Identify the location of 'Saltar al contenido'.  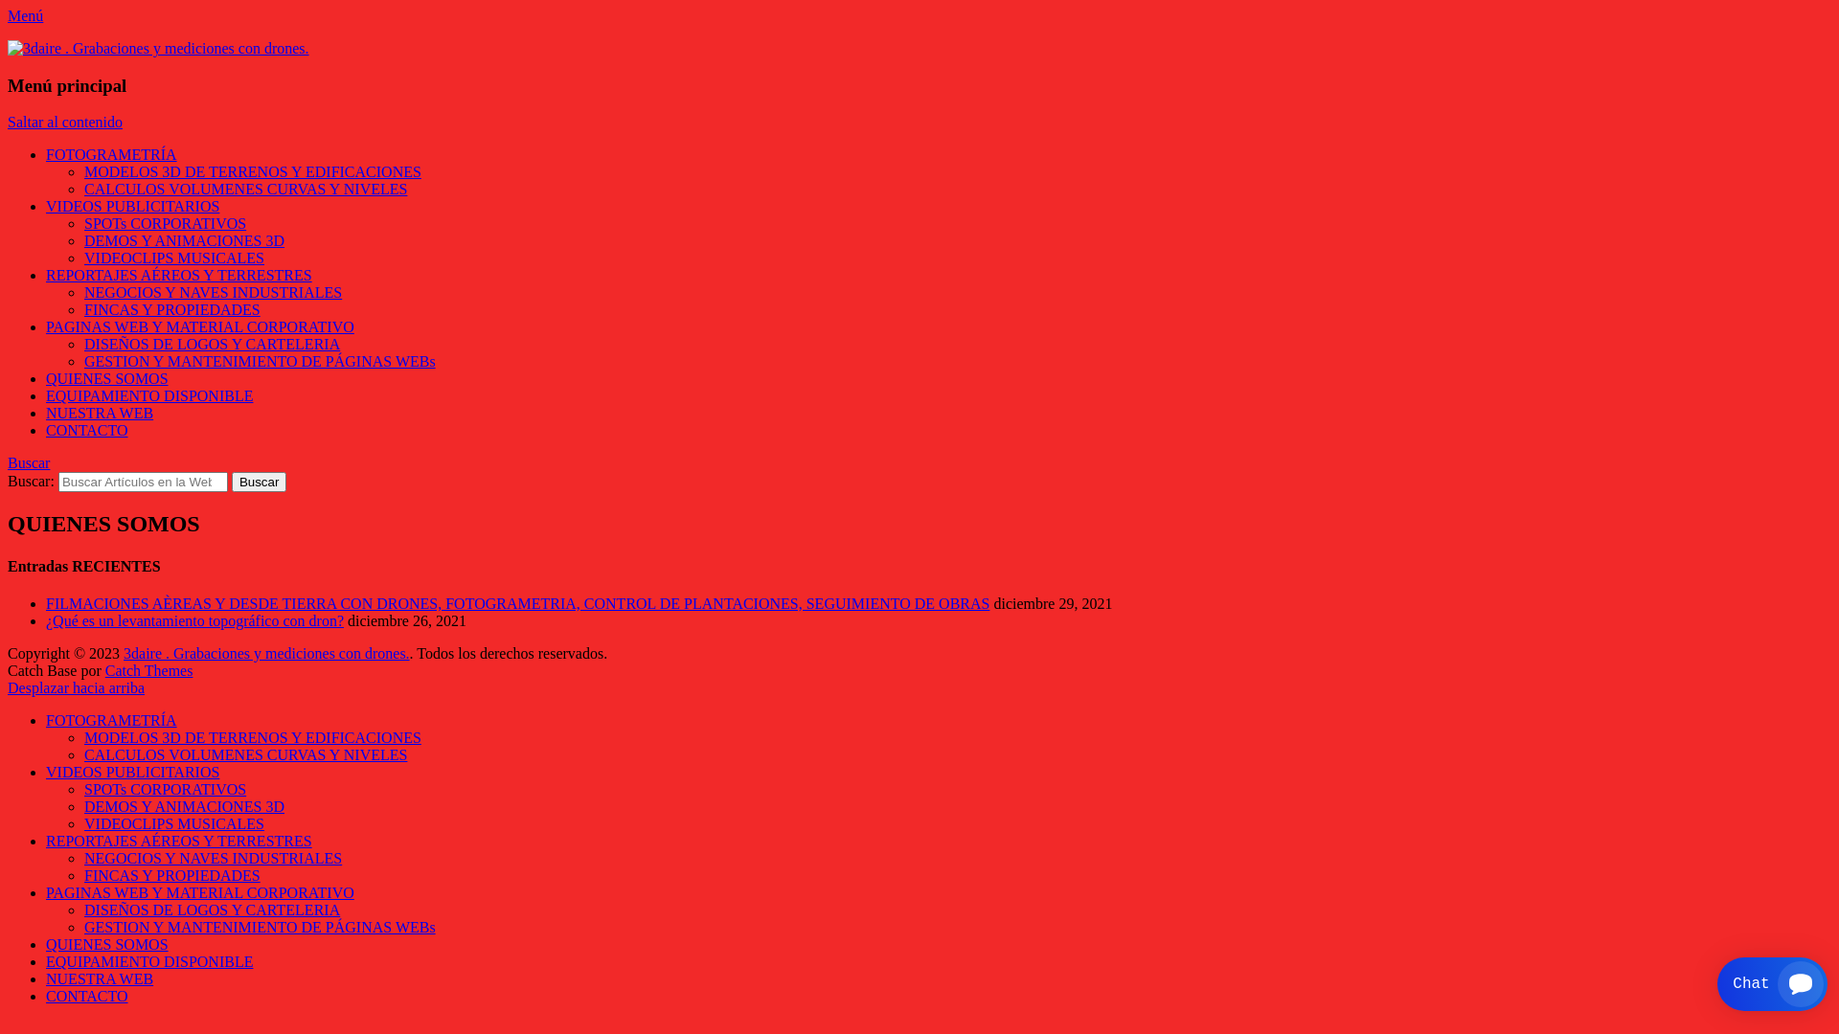
(64, 122).